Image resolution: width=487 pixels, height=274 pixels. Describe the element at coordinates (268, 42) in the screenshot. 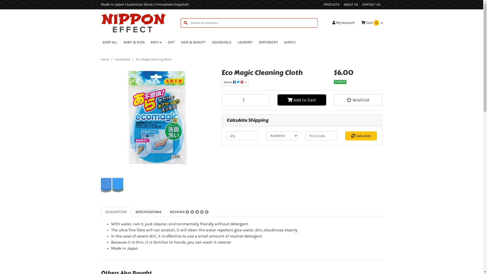

I see `'STATIONERY'` at that location.